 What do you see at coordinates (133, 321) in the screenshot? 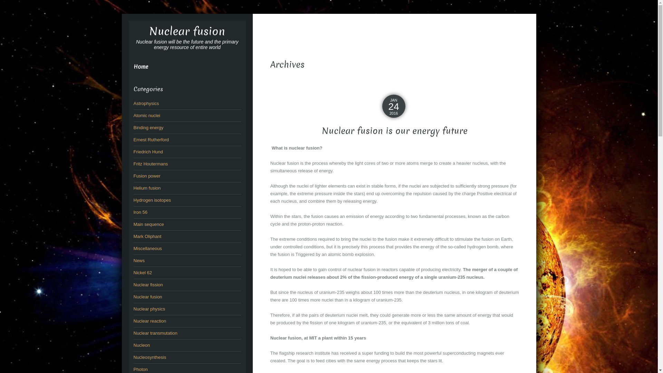
I see `'Nuclear reaction'` at bounding box center [133, 321].